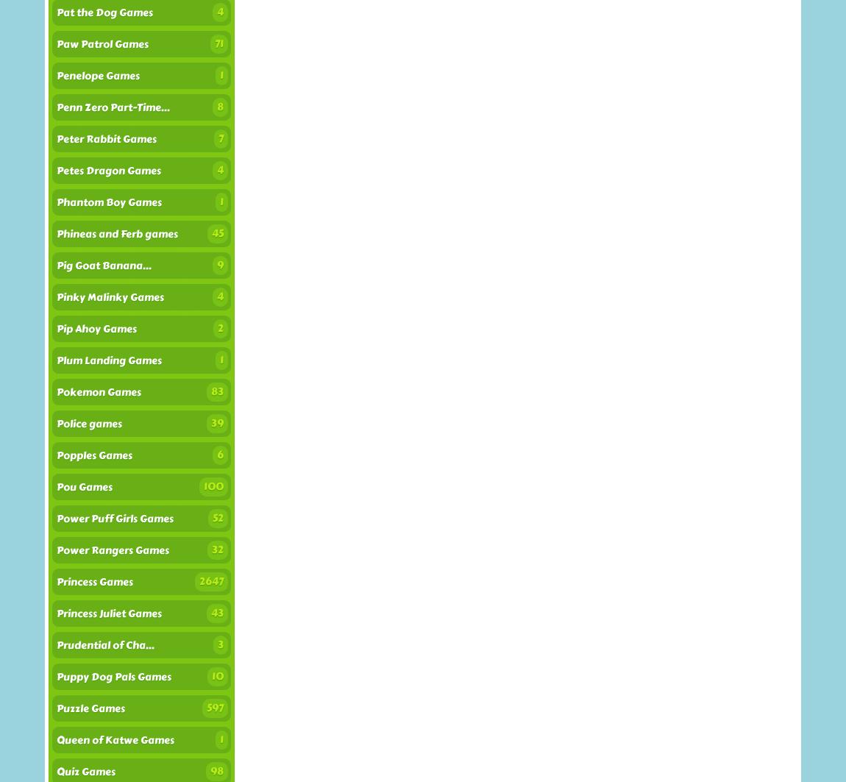  Describe the element at coordinates (56, 202) in the screenshot. I see `'Phantom Boy Games'` at that location.